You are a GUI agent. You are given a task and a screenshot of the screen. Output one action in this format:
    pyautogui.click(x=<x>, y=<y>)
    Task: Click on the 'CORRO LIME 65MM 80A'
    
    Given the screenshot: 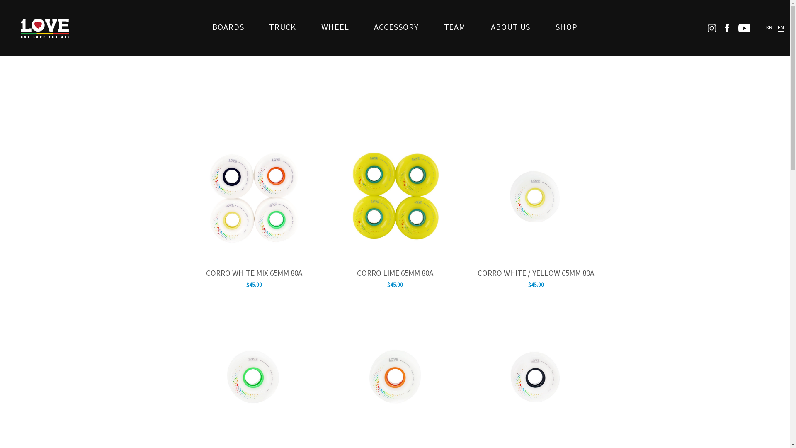 What is the action you would take?
    pyautogui.click(x=394, y=274)
    